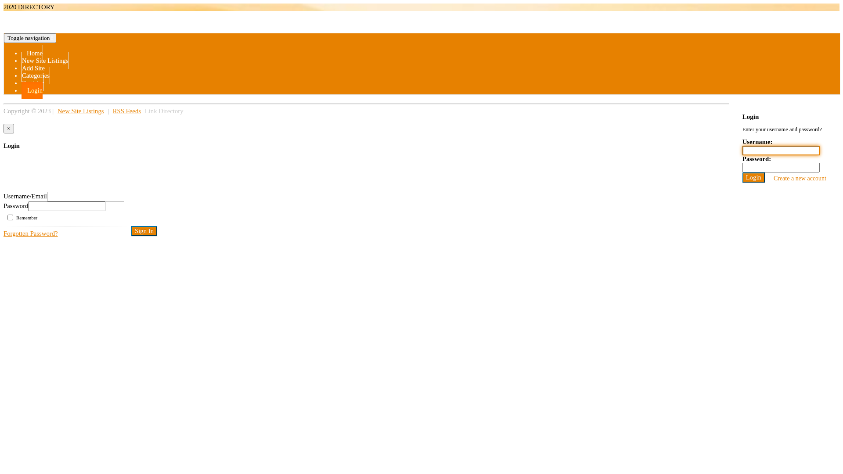 The height and width of the screenshot is (474, 843). What do you see at coordinates (31, 233) in the screenshot?
I see `'Forgotten Password?'` at bounding box center [31, 233].